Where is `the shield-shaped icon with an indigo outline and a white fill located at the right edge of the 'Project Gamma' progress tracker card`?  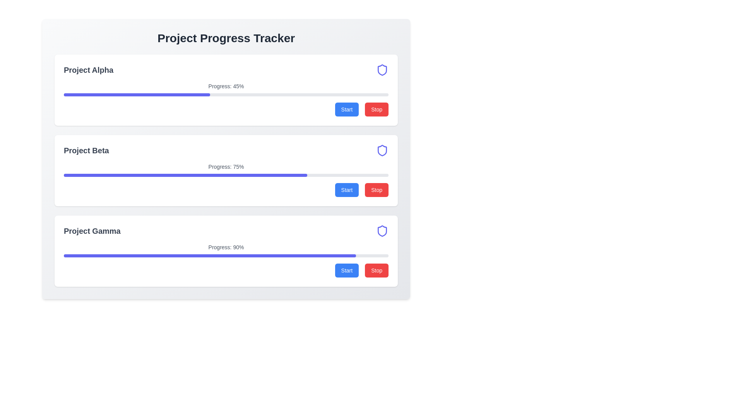 the shield-shaped icon with an indigo outline and a white fill located at the right edge of the 'Project Gamma' progress tracker card is located at coordinates (382, 231).